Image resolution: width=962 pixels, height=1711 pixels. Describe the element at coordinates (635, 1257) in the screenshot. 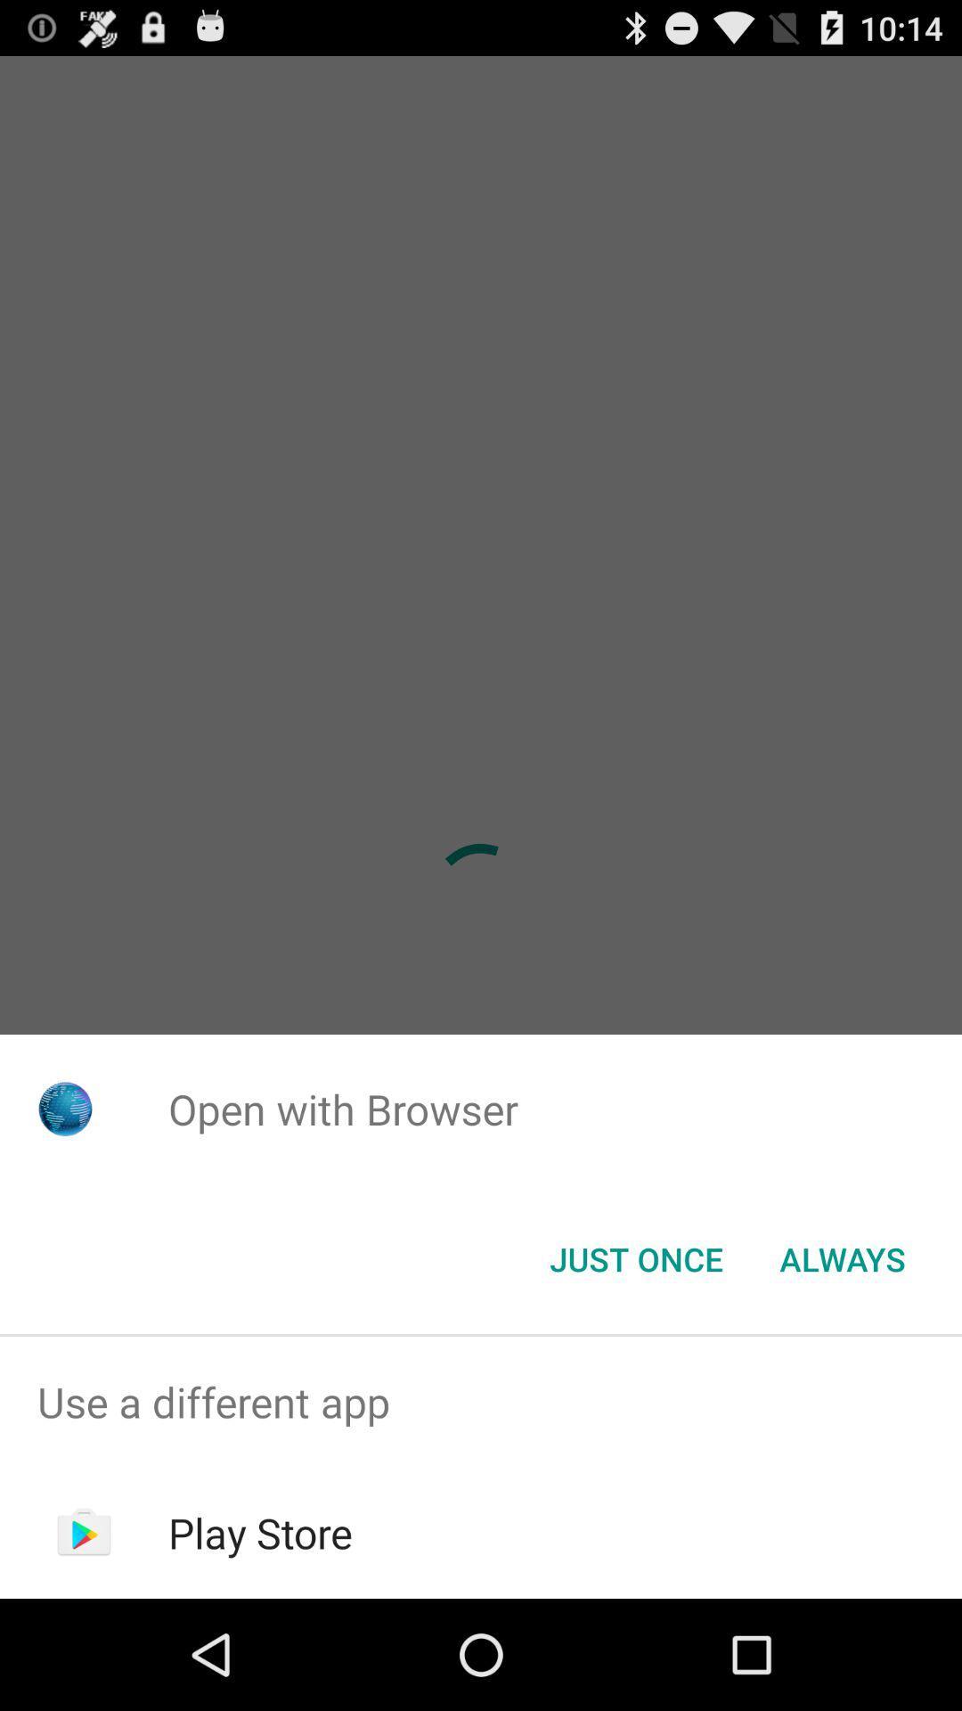

I see `just once item` at that location.